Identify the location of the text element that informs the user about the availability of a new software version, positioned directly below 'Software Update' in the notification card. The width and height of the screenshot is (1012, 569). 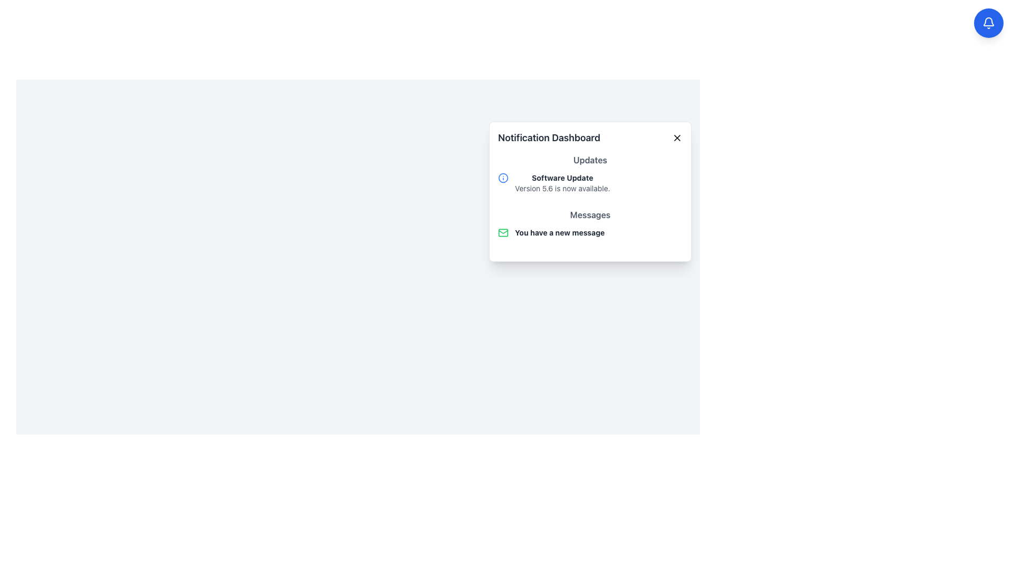
(562, 188).